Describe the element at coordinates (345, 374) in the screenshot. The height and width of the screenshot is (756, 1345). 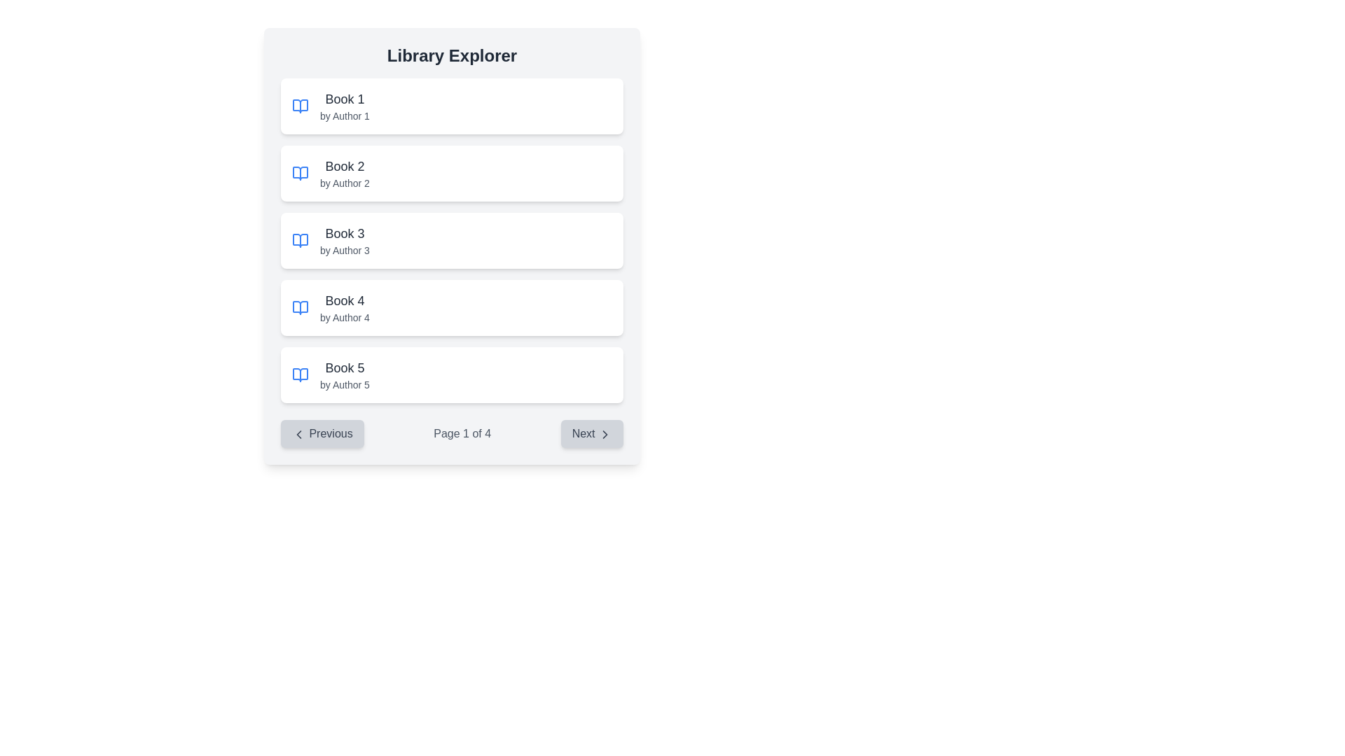
I see `the text display element that shows 'Book 5 by Author 5' in a large, bold font, positioned as the fifth item in a vertical list of book entries` at that location.